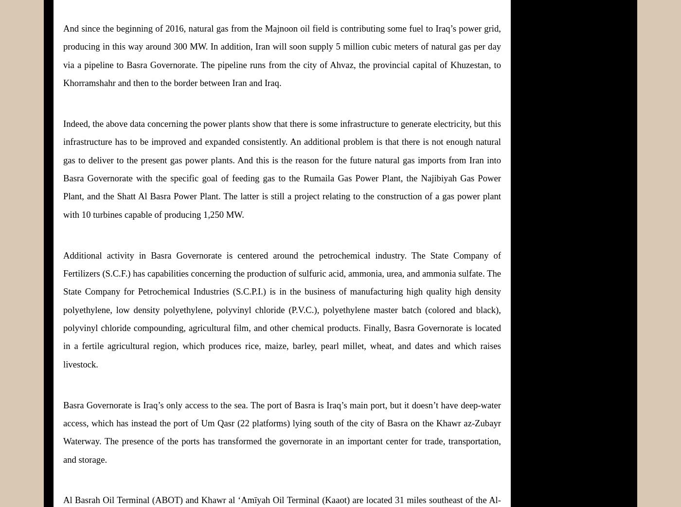 Image resolution: width=681 pixels, height=507 pixels. What do you see at coordinates (282, 432) in the screenshot?
I see `'the Khawr az-Zubayr Waterway.'` at bounding box center [282, 432].